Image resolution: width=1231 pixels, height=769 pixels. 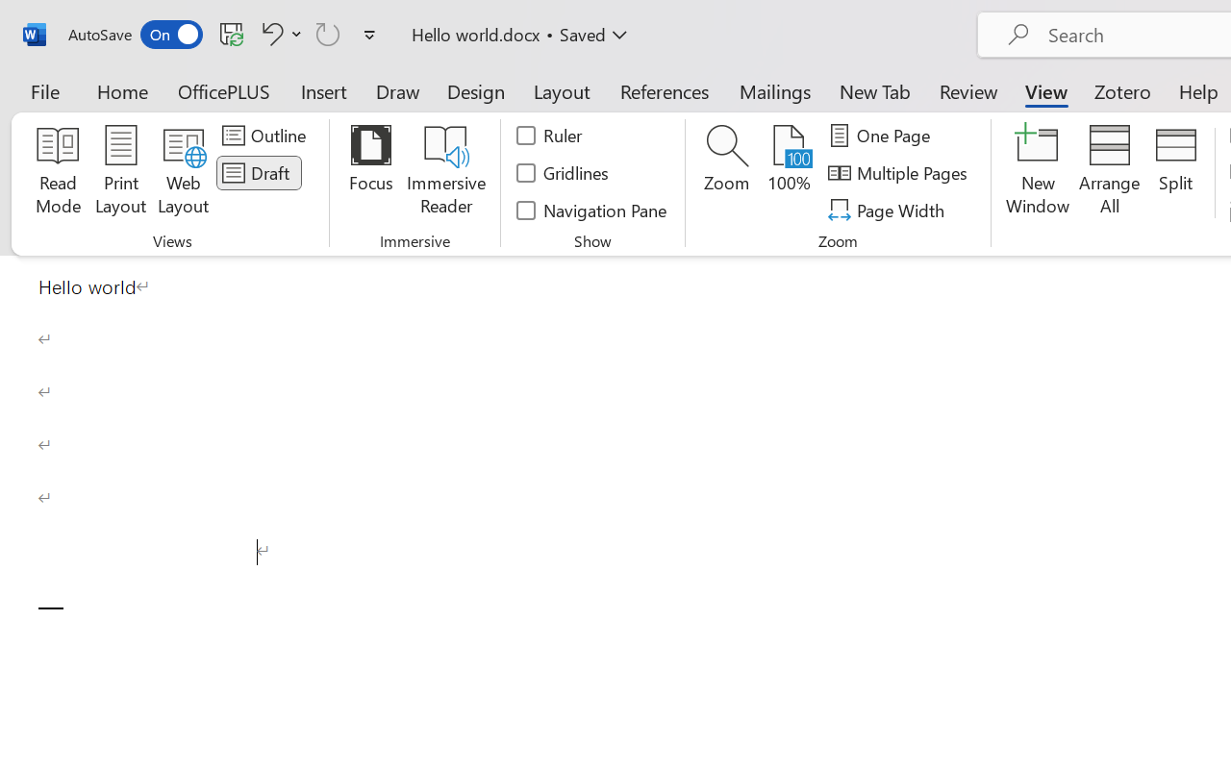 I want to click on 'Ruler', so click(x=549, y=136).